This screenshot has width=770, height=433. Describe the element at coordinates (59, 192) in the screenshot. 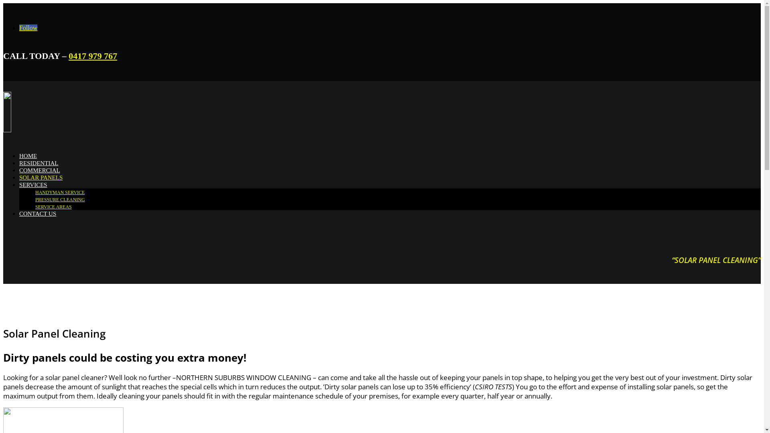

I see `'HANDYMAN SERVICE'` at that location.